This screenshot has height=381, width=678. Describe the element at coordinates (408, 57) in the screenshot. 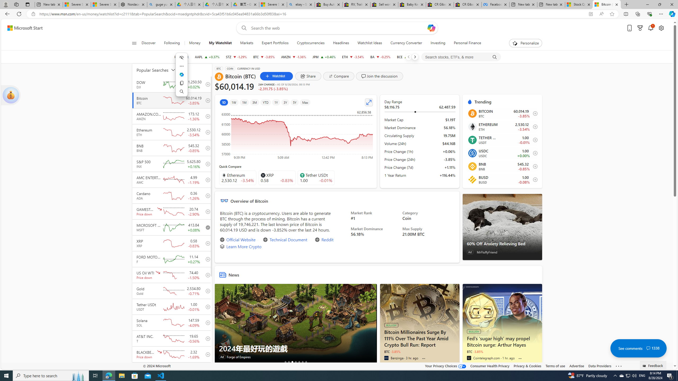

I see `'Previous'` at that location.